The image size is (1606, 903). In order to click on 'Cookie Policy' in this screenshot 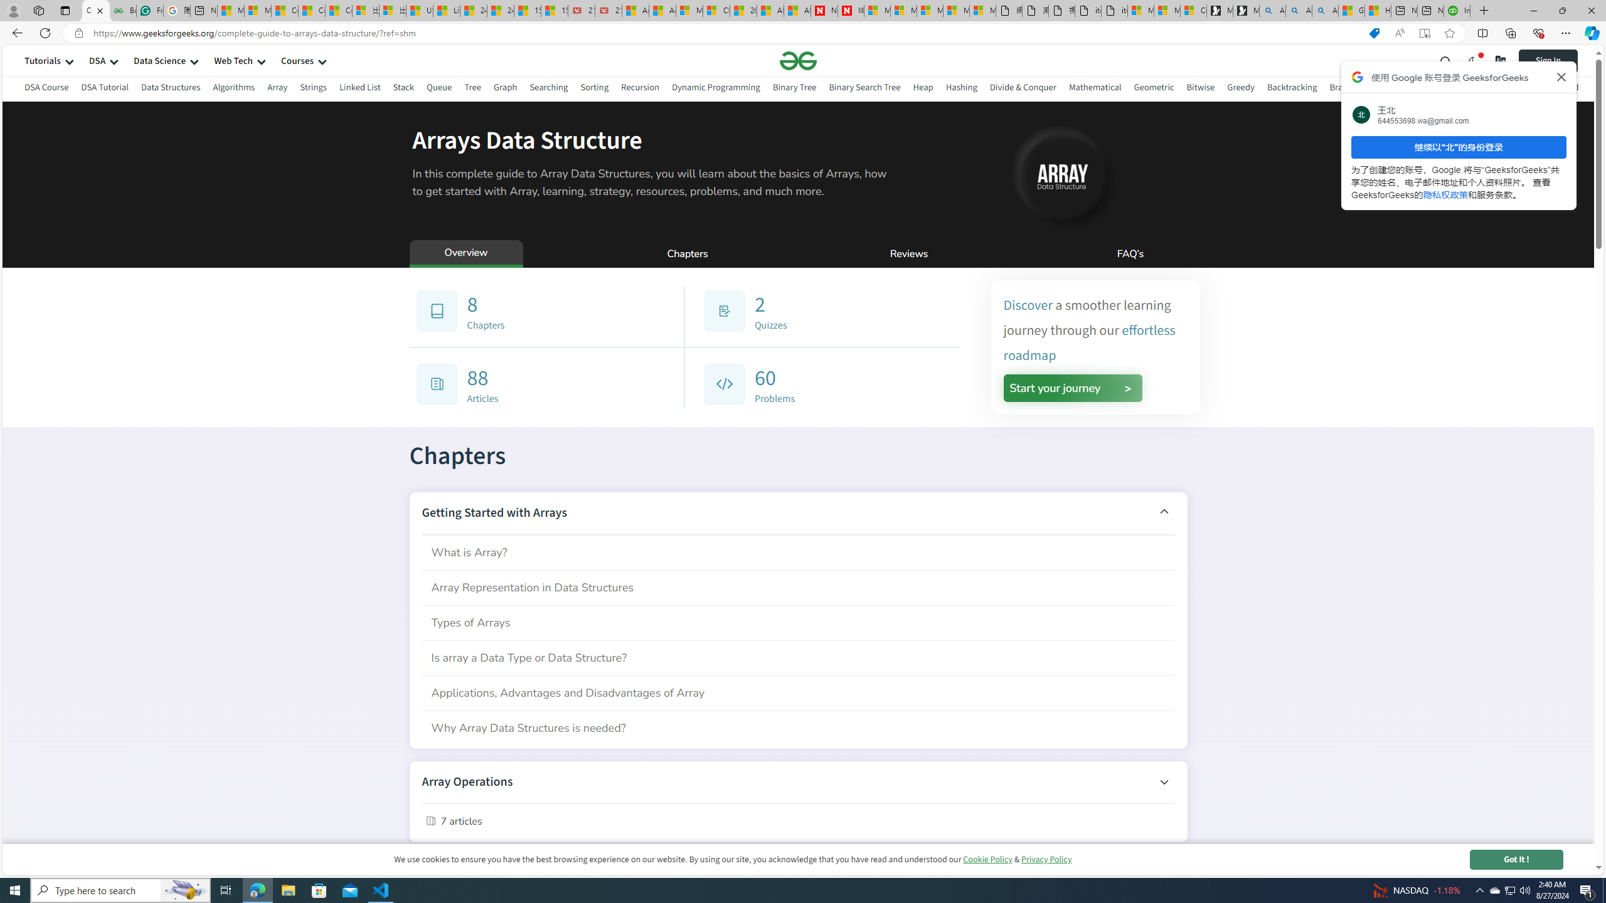, I will do `click(987, 859)`.